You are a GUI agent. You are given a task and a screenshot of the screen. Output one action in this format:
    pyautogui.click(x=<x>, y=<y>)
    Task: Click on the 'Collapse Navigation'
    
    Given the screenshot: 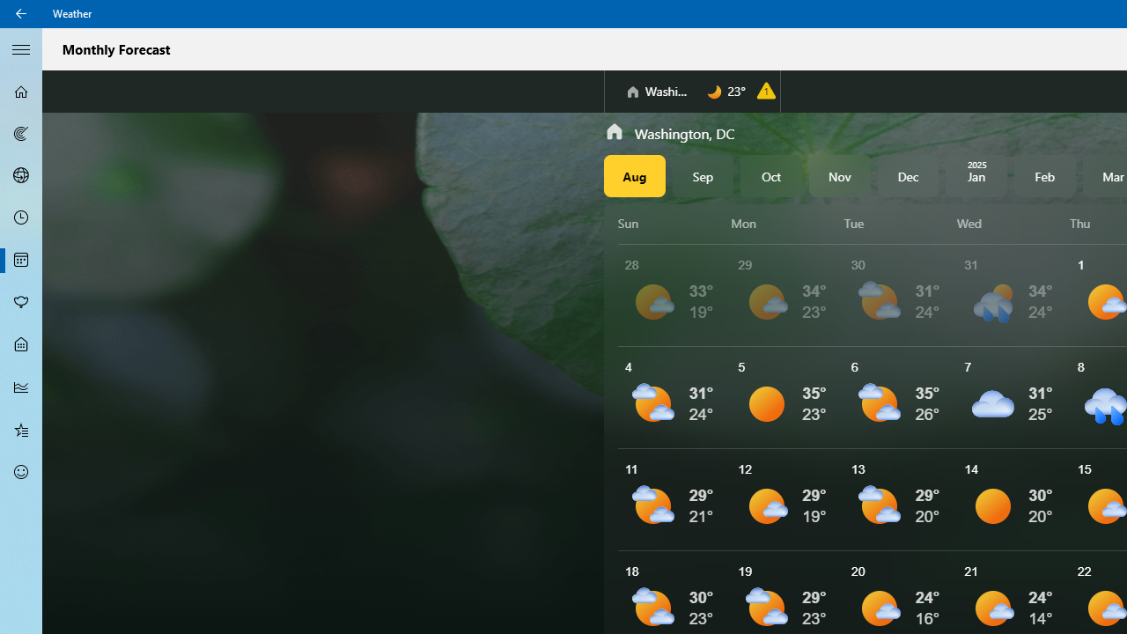 What is the action you would take?
    pyautogui.click(x=21, y=48)
    